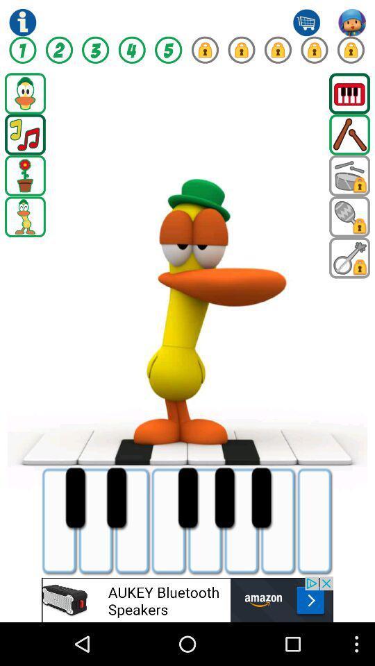  I want to click on music button, so click(25, 135).